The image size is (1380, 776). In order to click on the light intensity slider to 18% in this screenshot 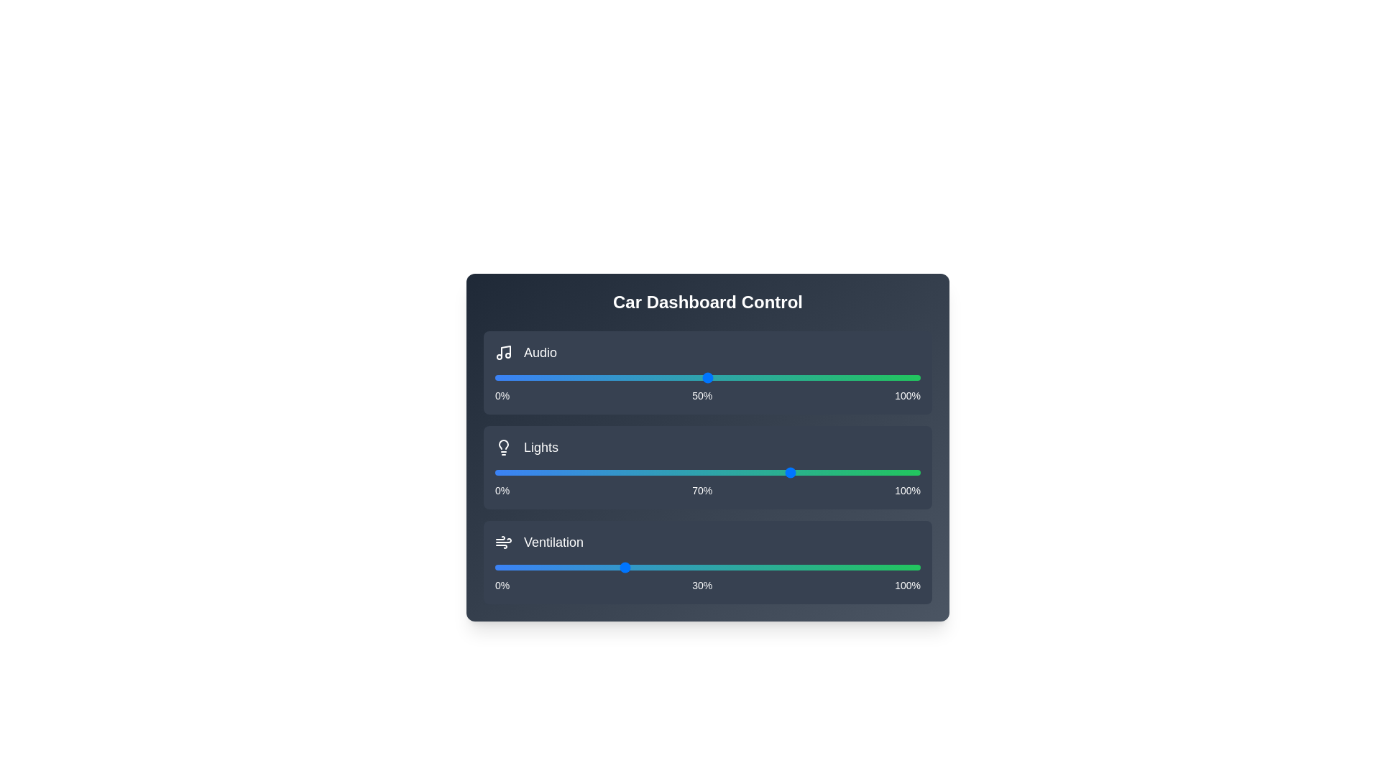, I will do `click(571, 473)`.